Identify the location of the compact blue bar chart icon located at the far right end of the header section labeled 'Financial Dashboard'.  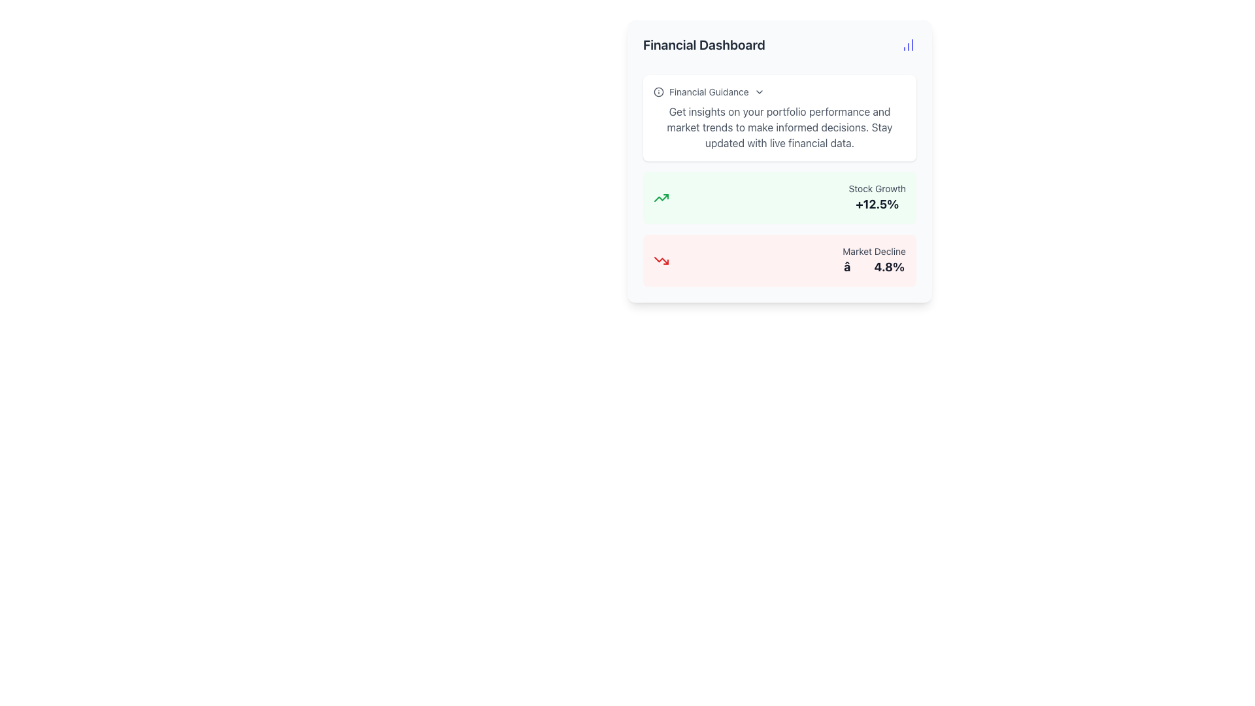
(908, 44).